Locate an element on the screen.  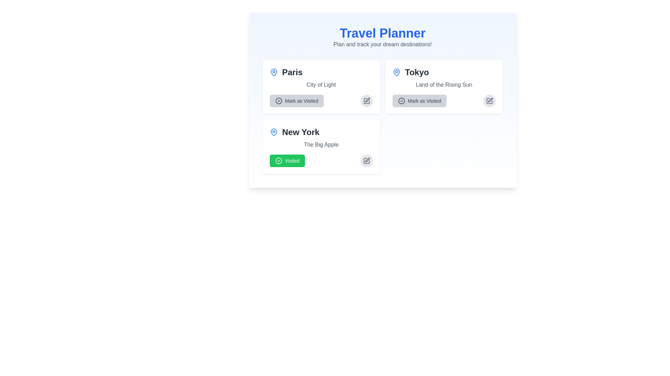
the destination is located at coordinates (292, 72).